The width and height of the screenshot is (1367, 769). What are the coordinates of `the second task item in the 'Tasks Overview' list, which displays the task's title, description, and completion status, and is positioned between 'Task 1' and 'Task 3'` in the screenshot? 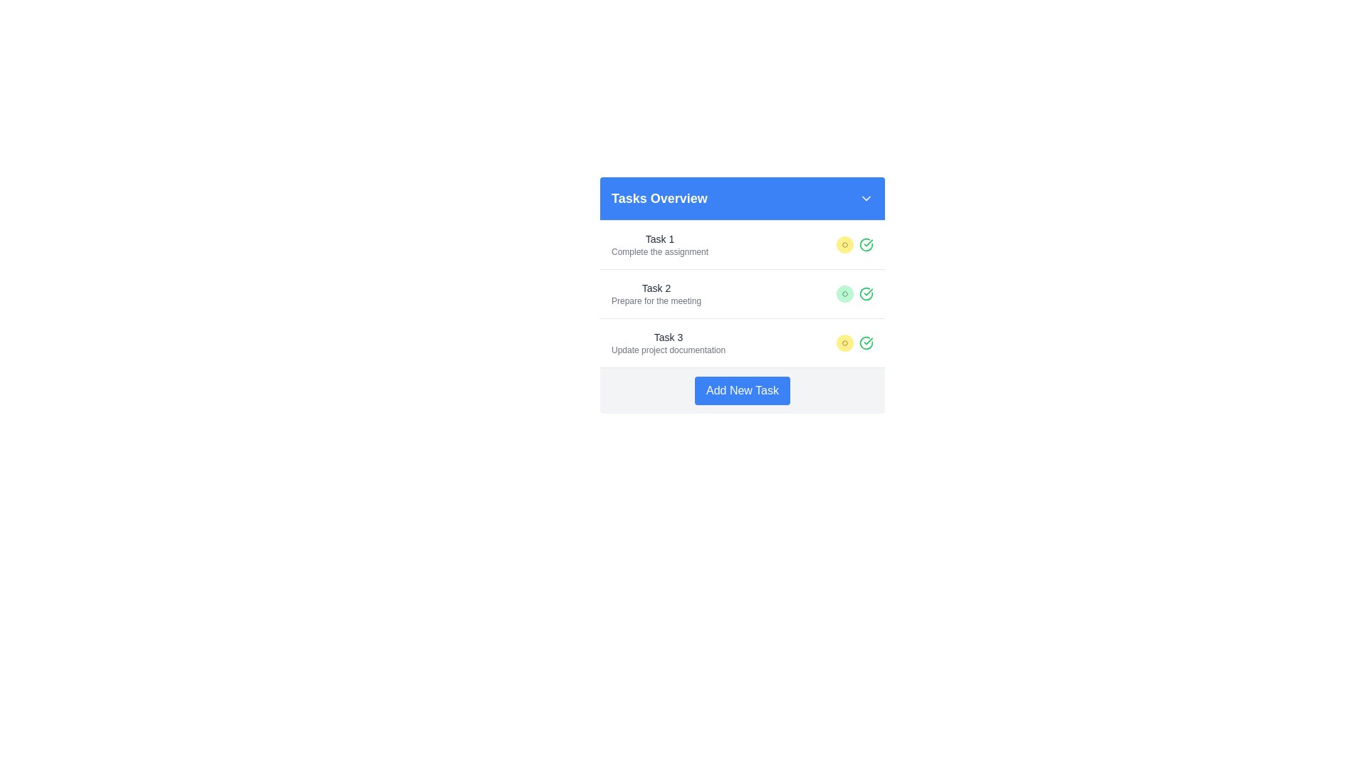 It's located at (741, 293).